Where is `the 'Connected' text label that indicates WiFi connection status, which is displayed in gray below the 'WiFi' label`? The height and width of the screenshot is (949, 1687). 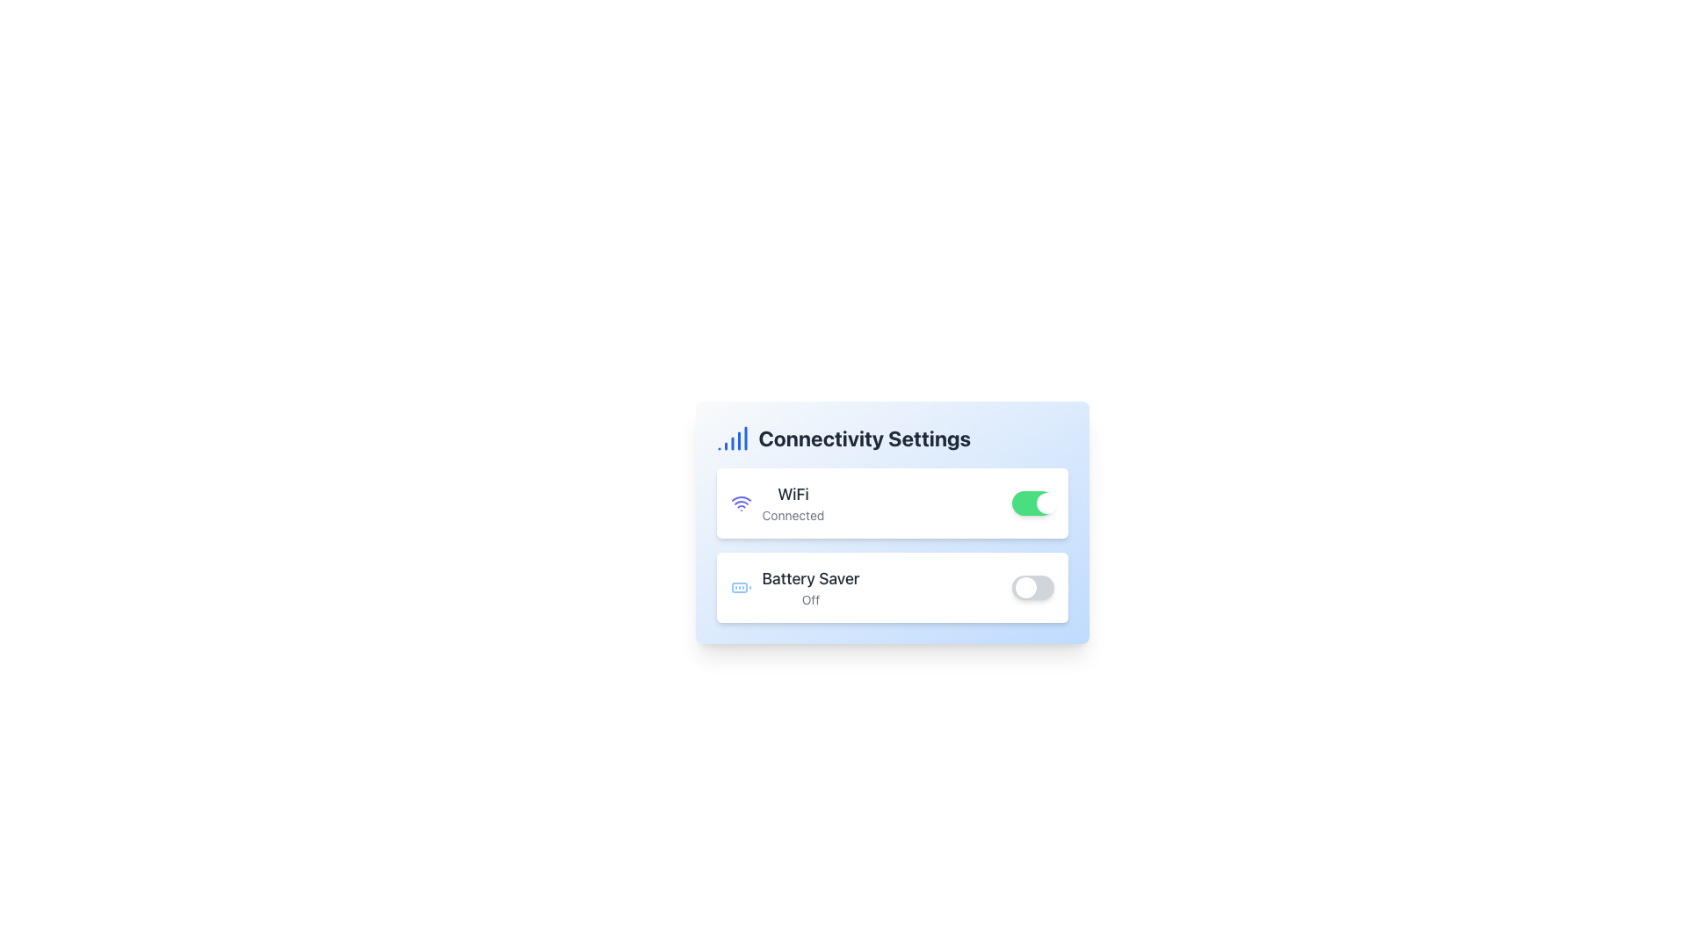
the 'Connected' text label that indicates WiFi connection status, which is displayed in gray below the 'WiFi' label is located at coordinates (792, 514).